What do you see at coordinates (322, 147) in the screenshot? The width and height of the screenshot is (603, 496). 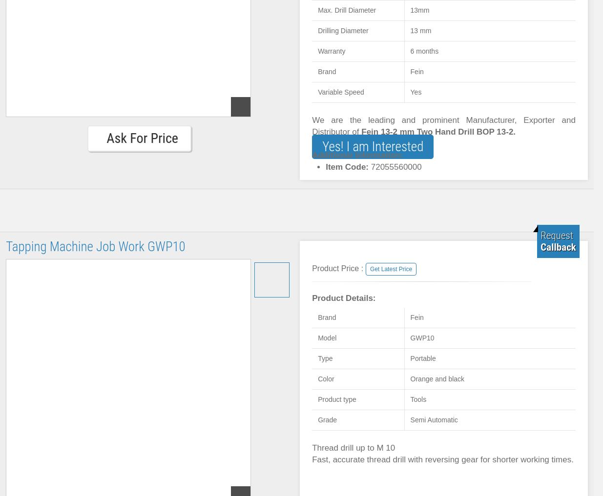 I see `'Yes! I am Interested'` at bounding box center [322, 147].